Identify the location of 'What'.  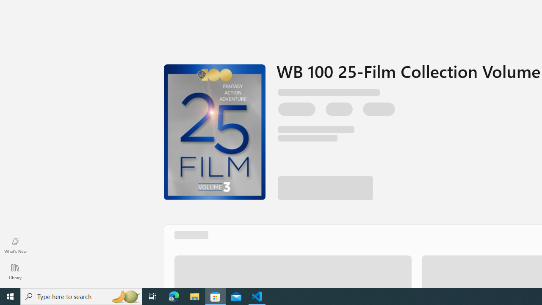
(15, 245).